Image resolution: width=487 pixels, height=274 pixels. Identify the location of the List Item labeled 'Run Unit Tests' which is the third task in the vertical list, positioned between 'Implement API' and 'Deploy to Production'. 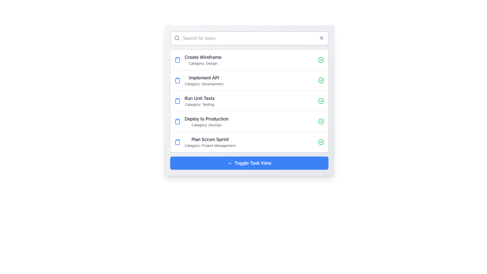
(194, 101).